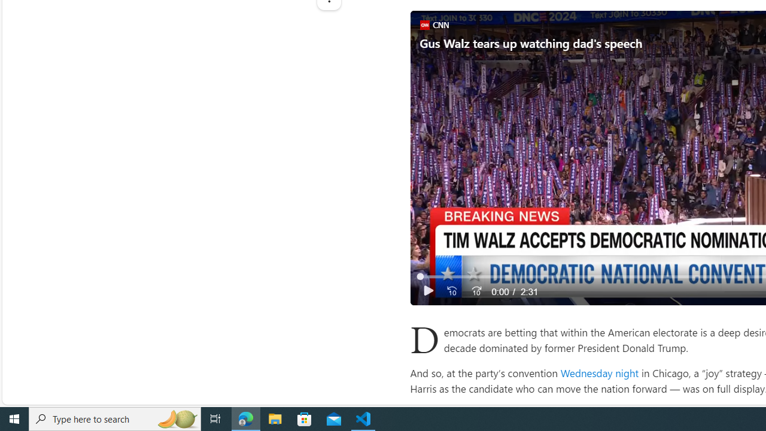  I want to click on 'Wednesday night', so click(599, 372).